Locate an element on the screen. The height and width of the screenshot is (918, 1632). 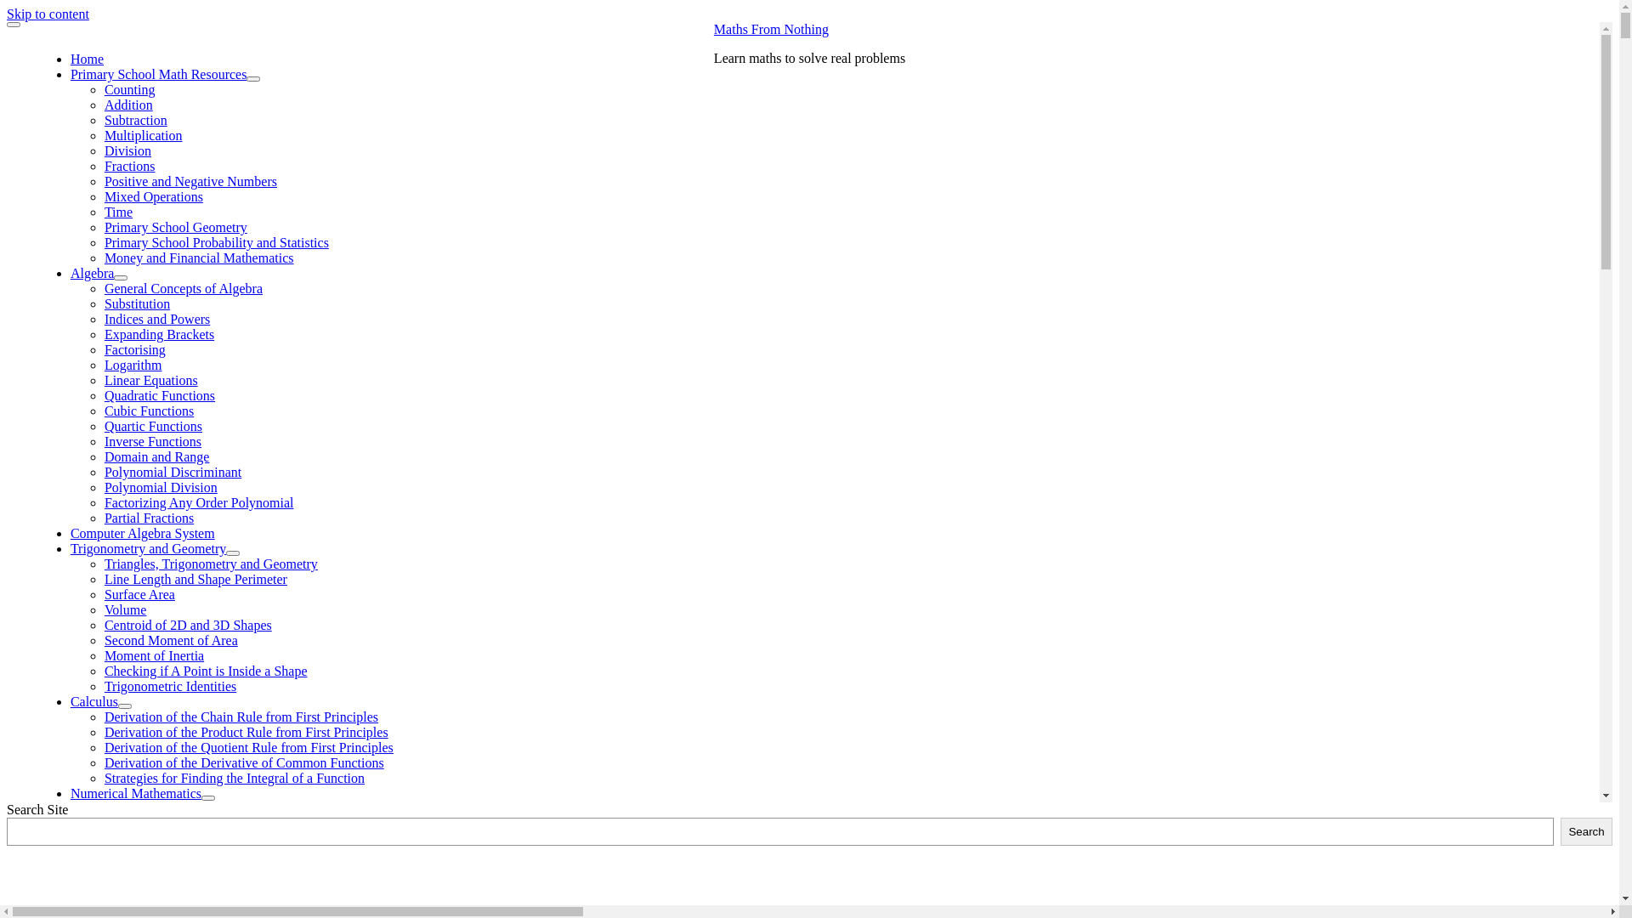
'Line Length and Shape Perimeter' is located at coordinates (195, 578).